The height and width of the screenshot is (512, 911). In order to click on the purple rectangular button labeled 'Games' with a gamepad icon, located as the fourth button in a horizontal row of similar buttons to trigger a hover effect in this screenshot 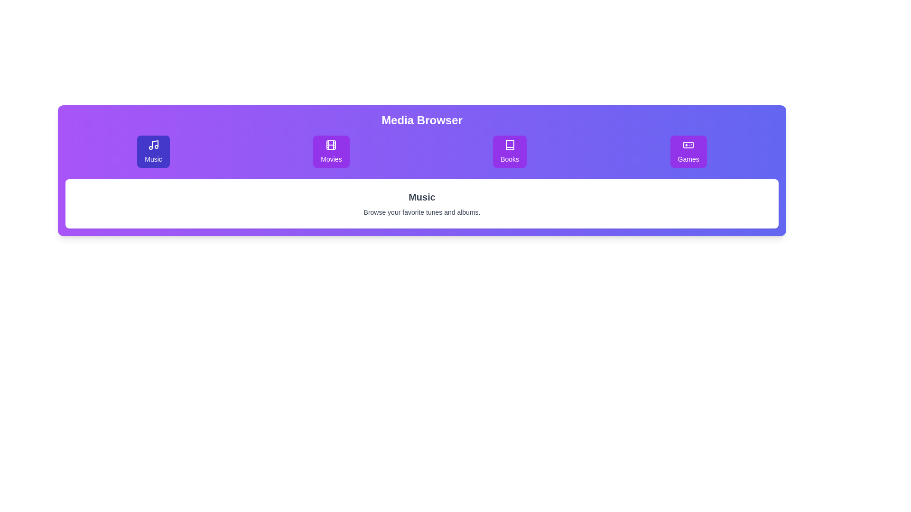, I will do `click(688, 151)`.